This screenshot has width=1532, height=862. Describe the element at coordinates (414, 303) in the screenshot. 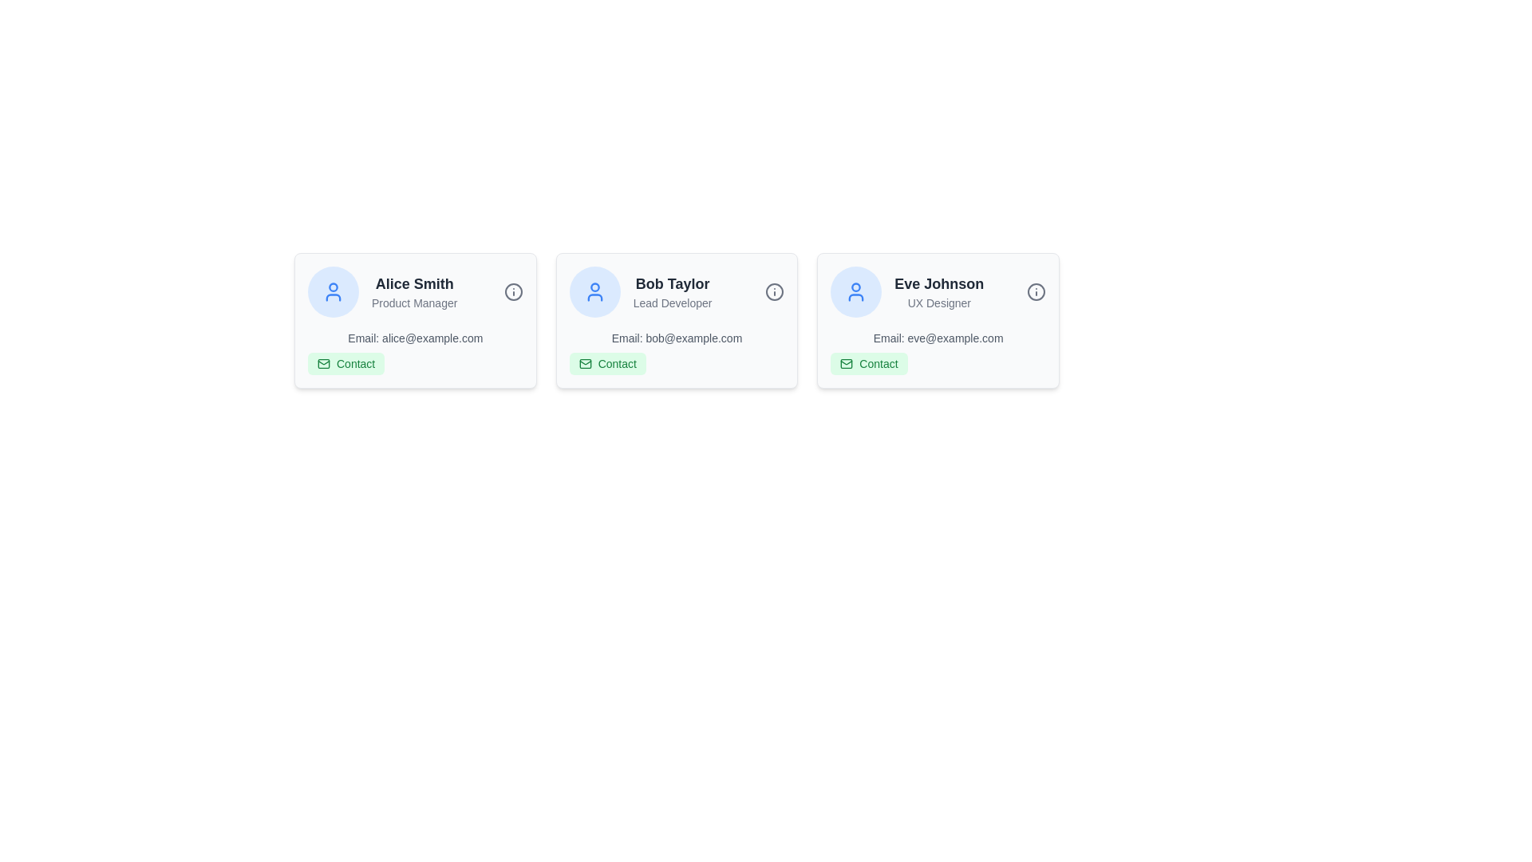

I see `the text label indicating the job title located directly below 'Alice Smith' in the leftmost profile card` at that location.